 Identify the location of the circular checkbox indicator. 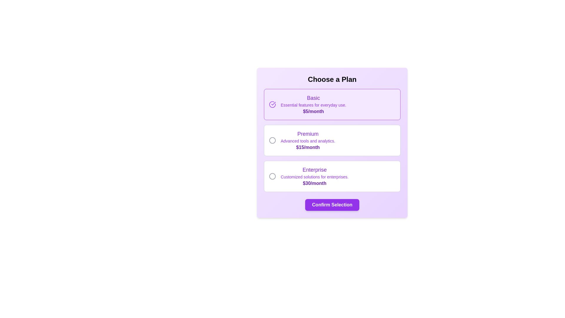
(272, 140).